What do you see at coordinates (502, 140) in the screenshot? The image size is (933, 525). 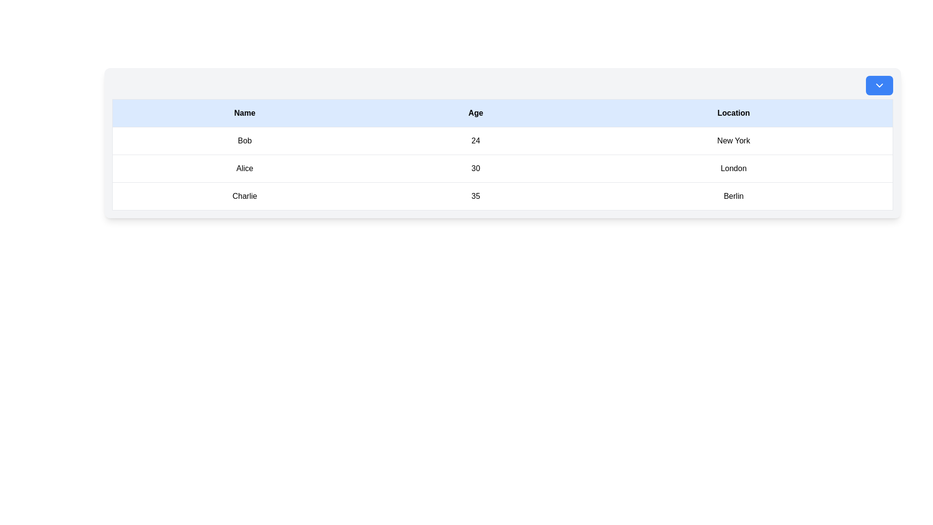 I see `data represented in the first row of the table, which contains the name 'Bob', age '24', and location 'New York'` at bounding box center [502, 140].